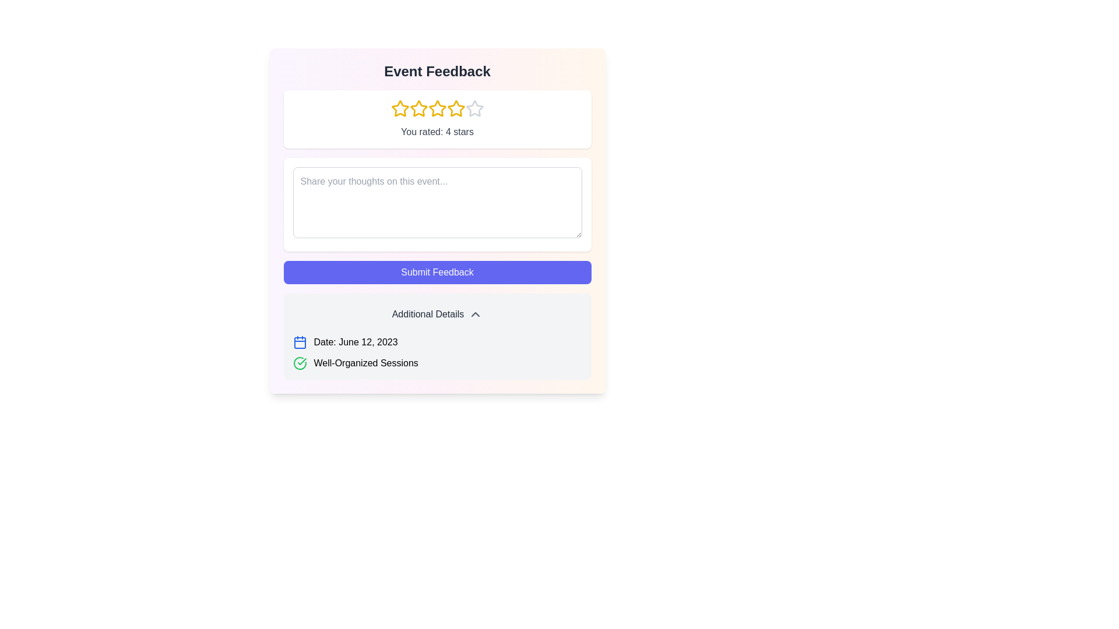  I want to click on the Chevron-up icon located at the center-right of the 'Additional Details' horizontal bar, so click(476, 314).